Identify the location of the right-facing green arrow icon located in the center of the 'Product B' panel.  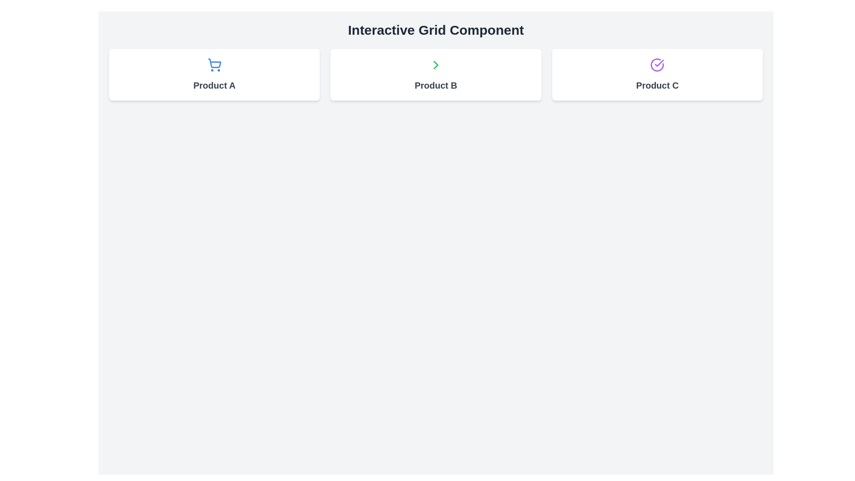
(436, 65).